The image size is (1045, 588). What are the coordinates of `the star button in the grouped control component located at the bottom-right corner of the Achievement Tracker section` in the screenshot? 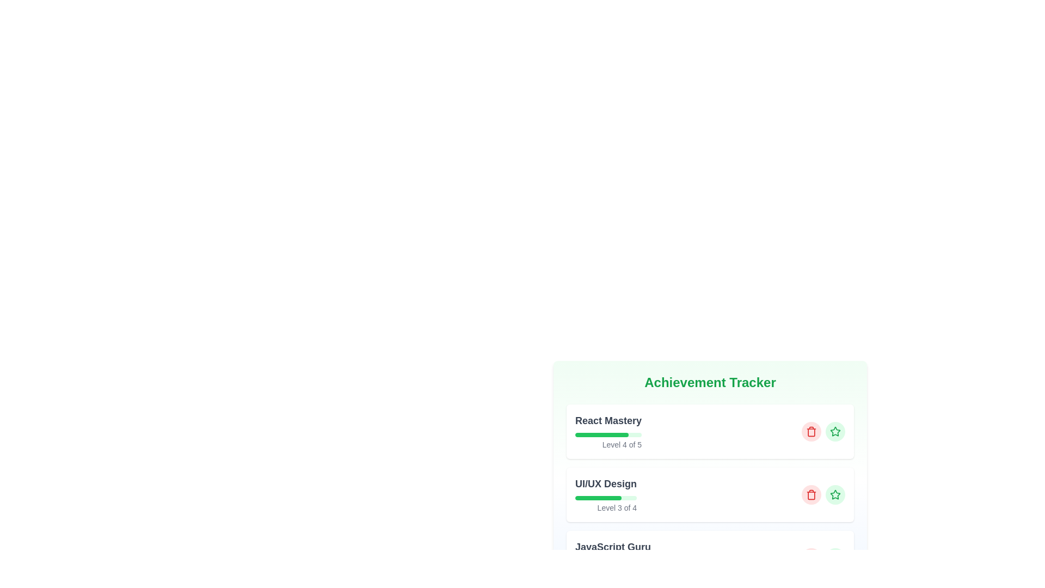 It's located at (823, 495).